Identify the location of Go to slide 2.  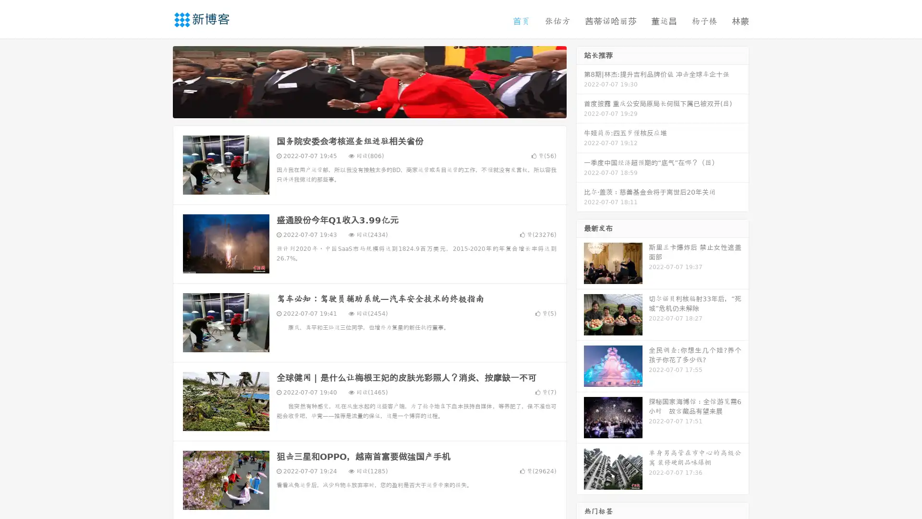
(369, 108).